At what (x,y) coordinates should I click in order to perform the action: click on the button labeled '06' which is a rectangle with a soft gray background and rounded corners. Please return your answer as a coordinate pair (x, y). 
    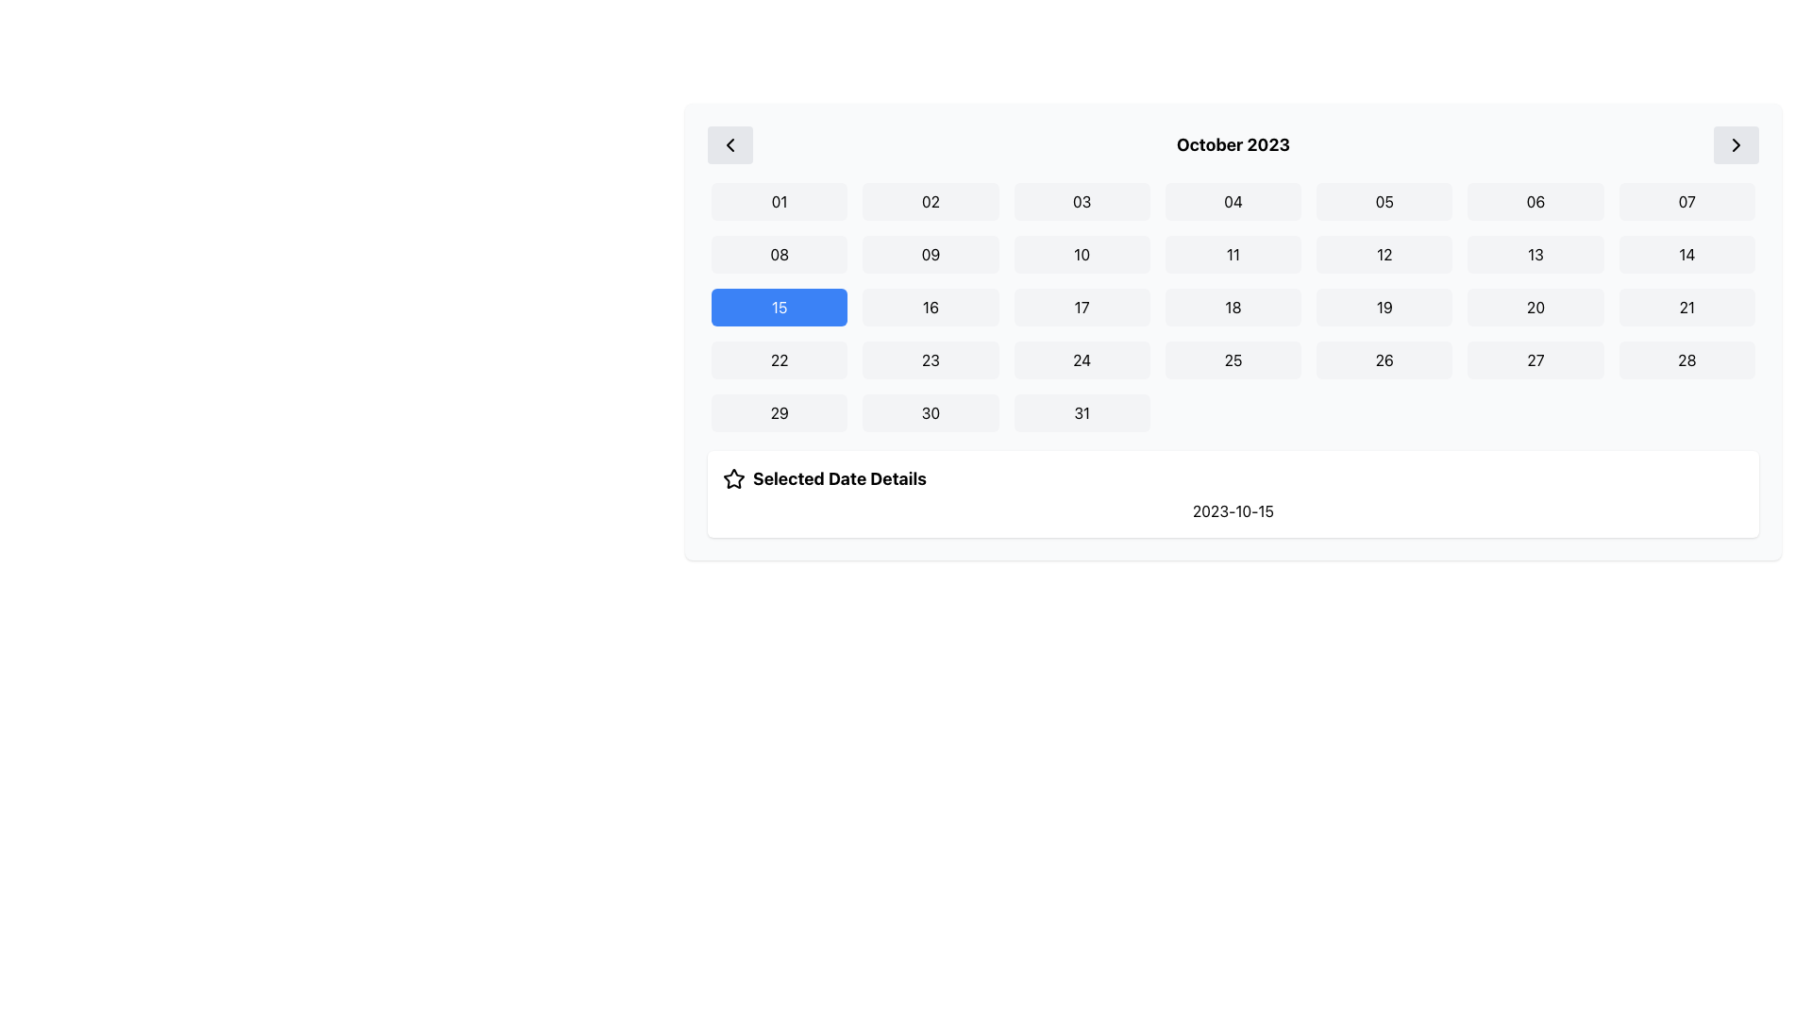
    Looking at the image, I should click on (1535, 201).